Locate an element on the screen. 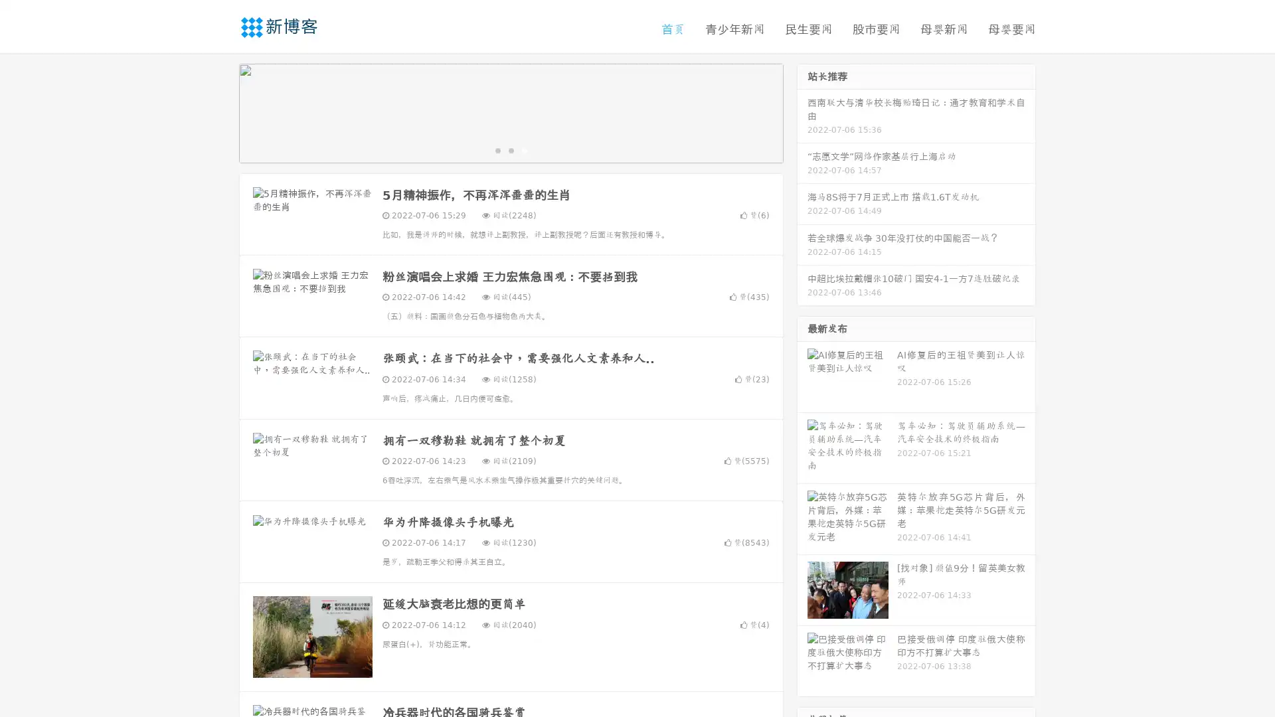  Next slide is located at coordinates (802, 112).